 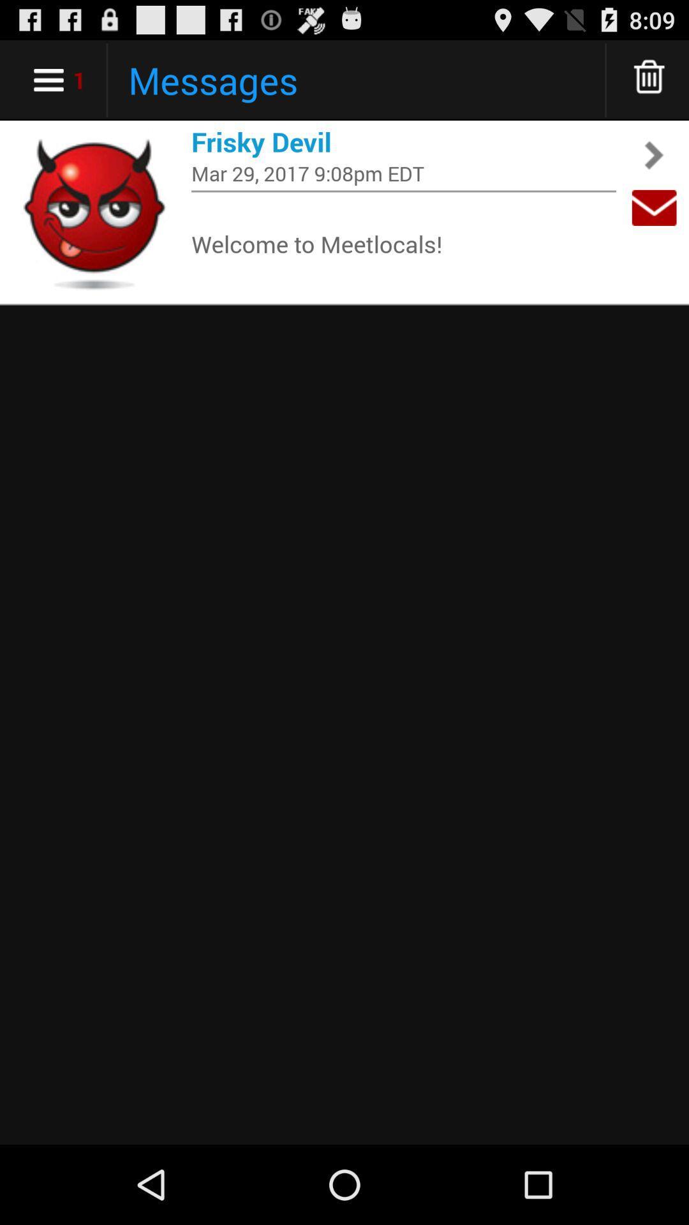 What do you see at coordinates (403, 142) in the screenshot?
I see `frisky devil icon` at bounding box center [403, 142].